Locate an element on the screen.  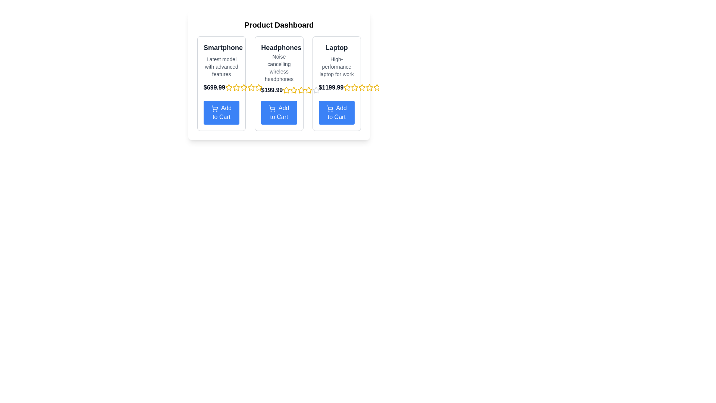
the 10th star icon in the rating bar under the 'Laptop' product card is located at coordinates (316, 90).